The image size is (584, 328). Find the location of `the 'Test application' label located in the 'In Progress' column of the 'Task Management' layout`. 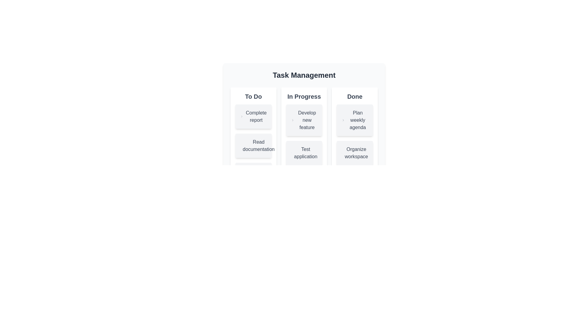

the 'Test application' label located in the 'In Progress' column of the 'Task Management' layout is located at coordinates (304, 153).